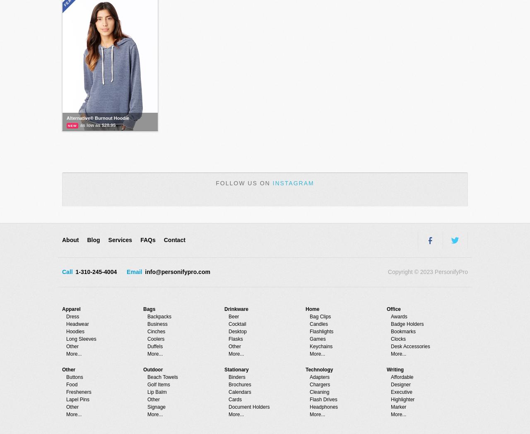 The width and height of the screenshot is (530, 434). What do you see at coordinates (173, 239) in the screenshot?
I see `'Contact'` at bounding box center [173, 239].